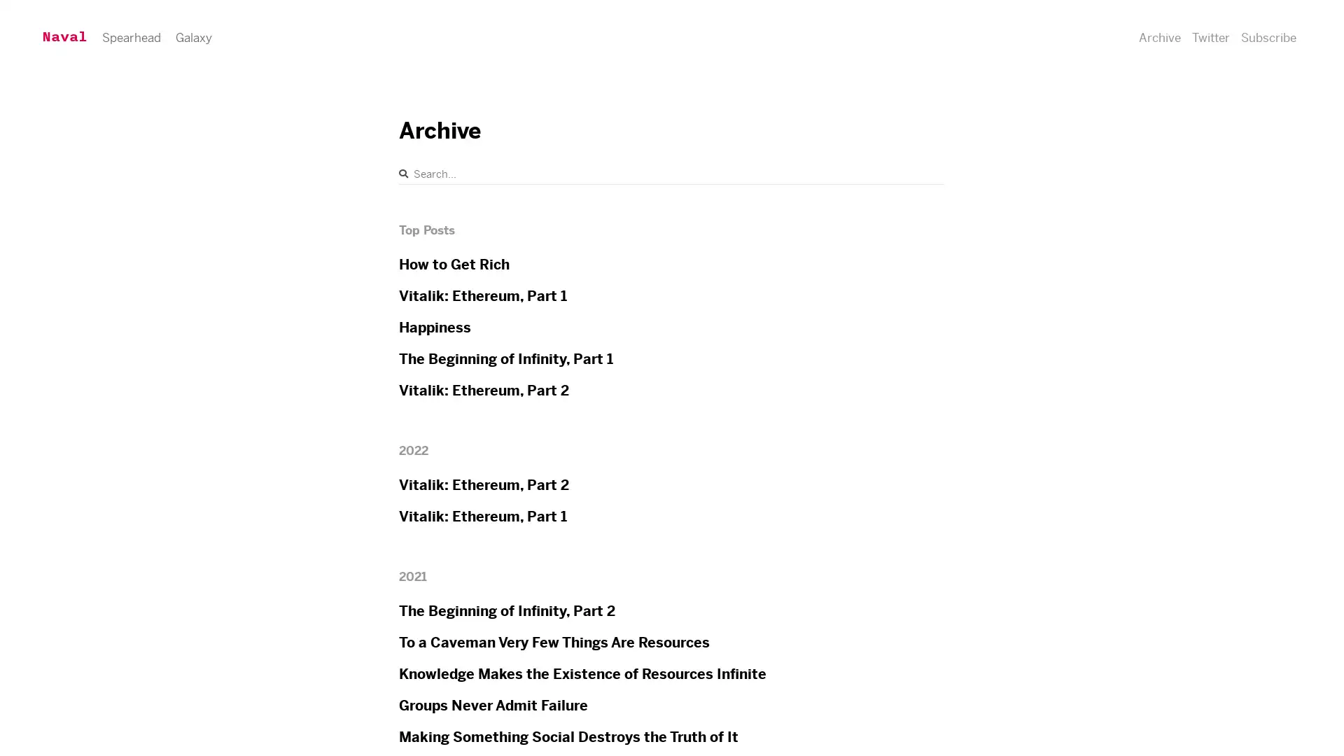  What do you see at coordinates (402, 173) in the screenshot?
I see `Search` at bounding box center [402, 173].